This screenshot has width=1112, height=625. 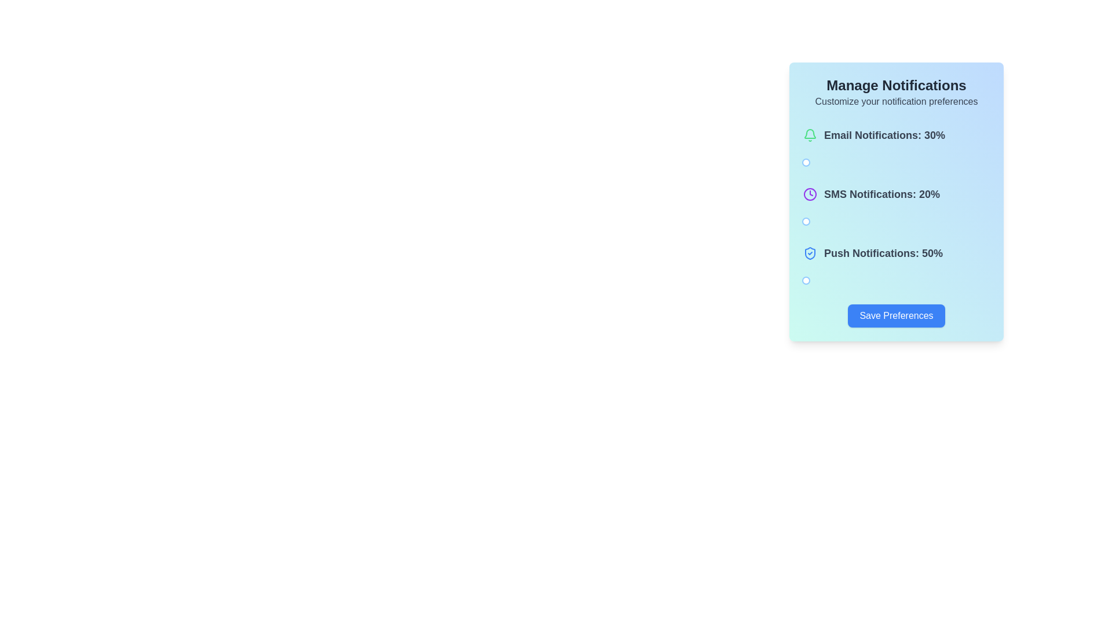 I want to click on the appearance of the circular shape with a purple stroke located within the clock icon, which is positioned next to the 'SMS Notifications: 20%' text, so click(x=809, y=193).